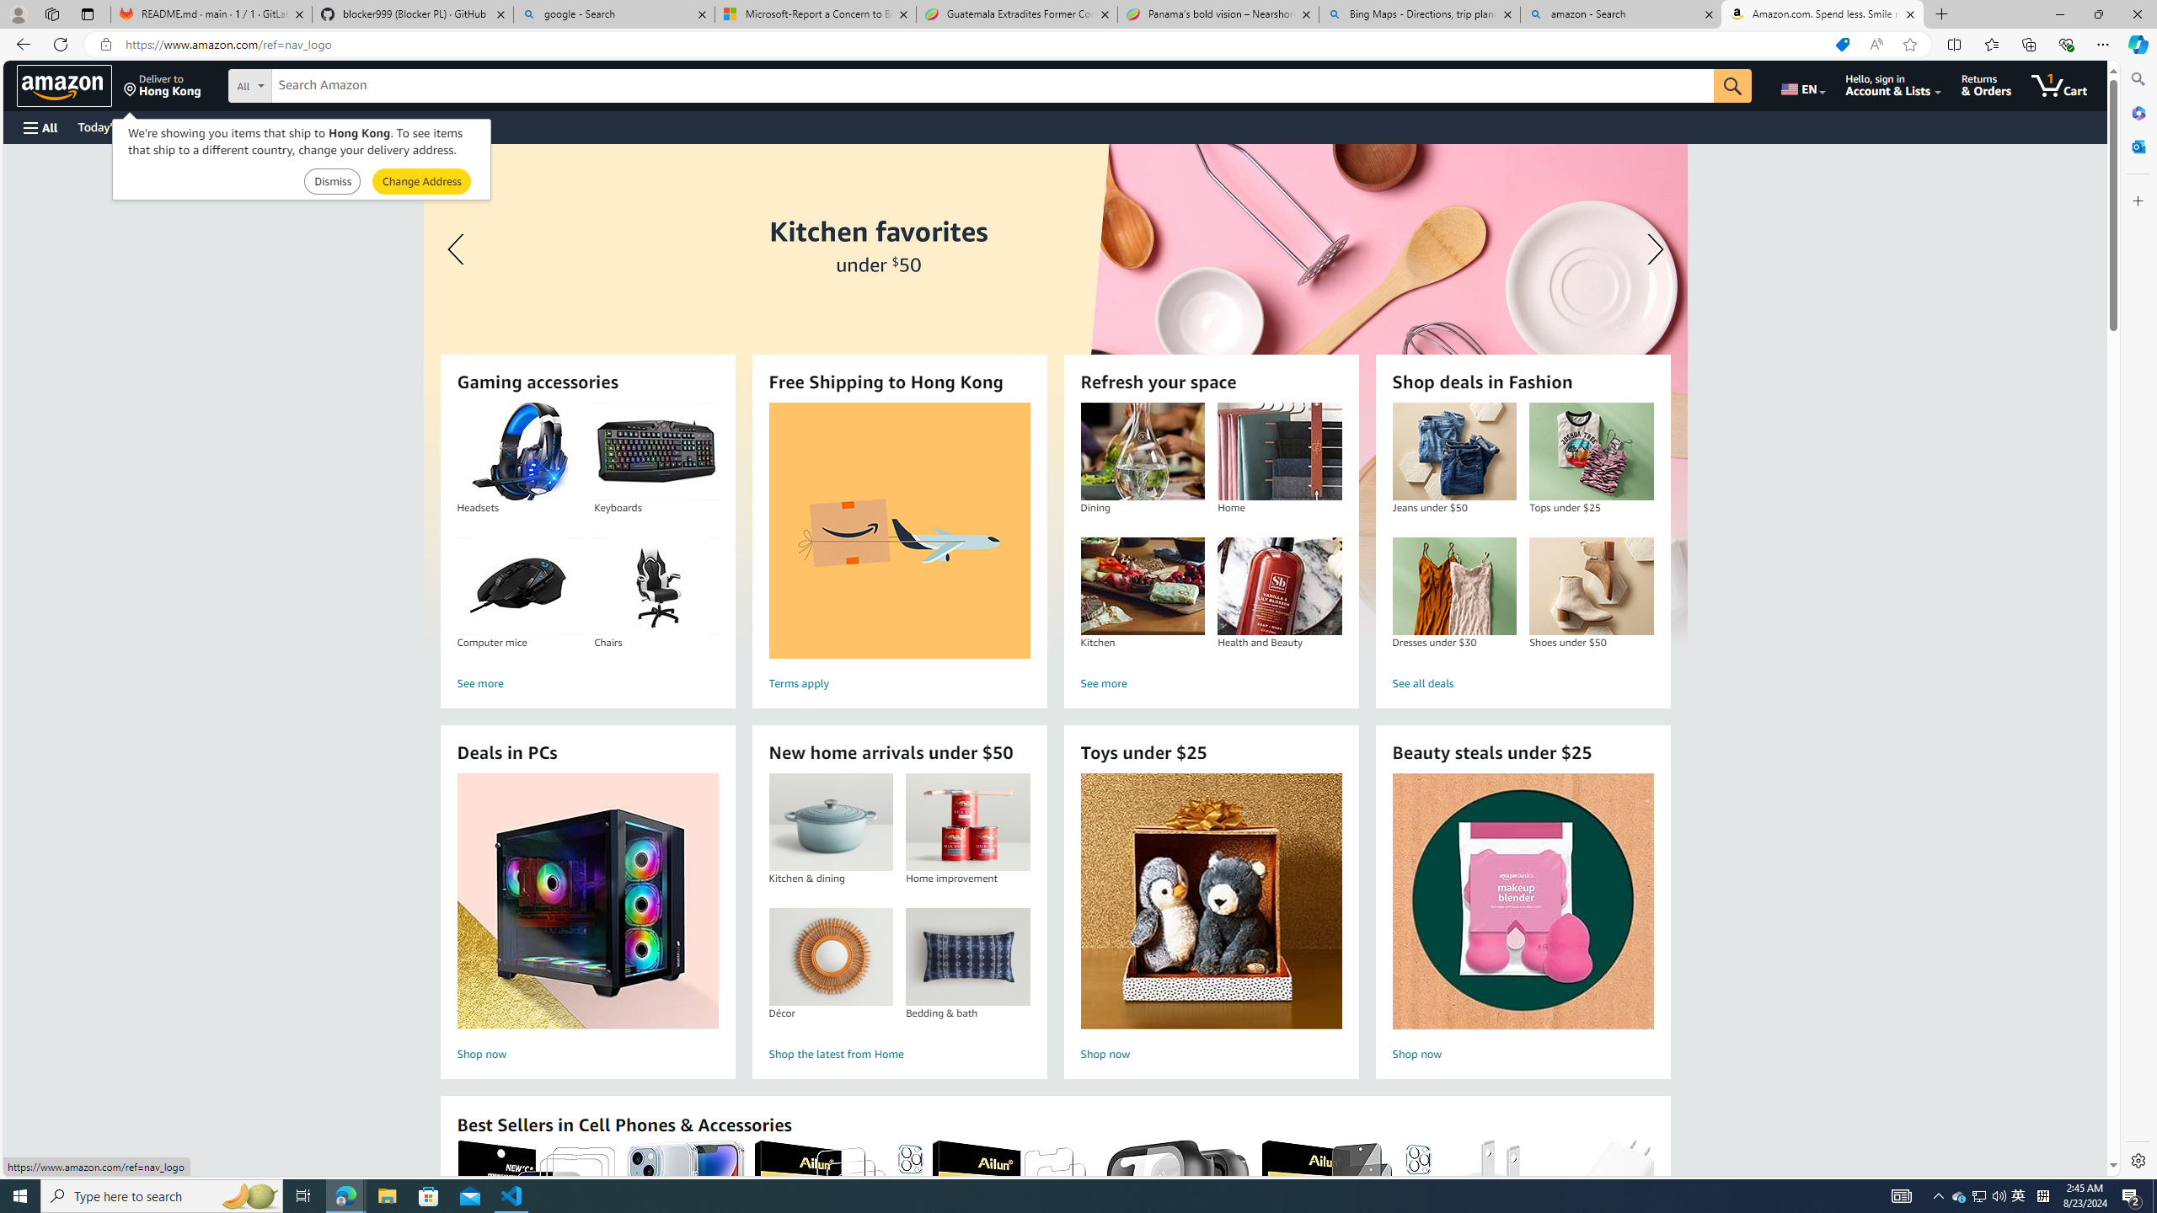 Image resolution: width=2157 pixels, height=1213 pixels. Describe the element at coordinates (1278, 586) in the screenshot. I see `'Health and Beauty'` at that location.